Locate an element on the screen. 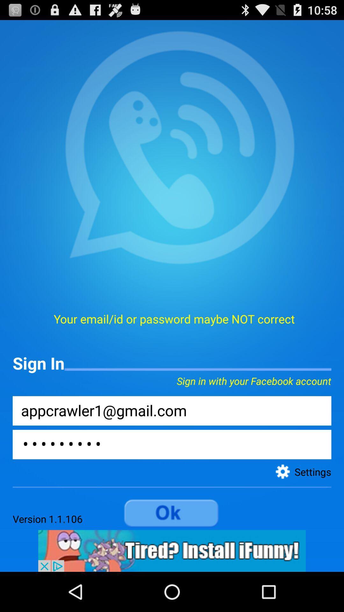 The height and width of the screenshot is (612, 344). ok button is located at coordinates (172, 514).